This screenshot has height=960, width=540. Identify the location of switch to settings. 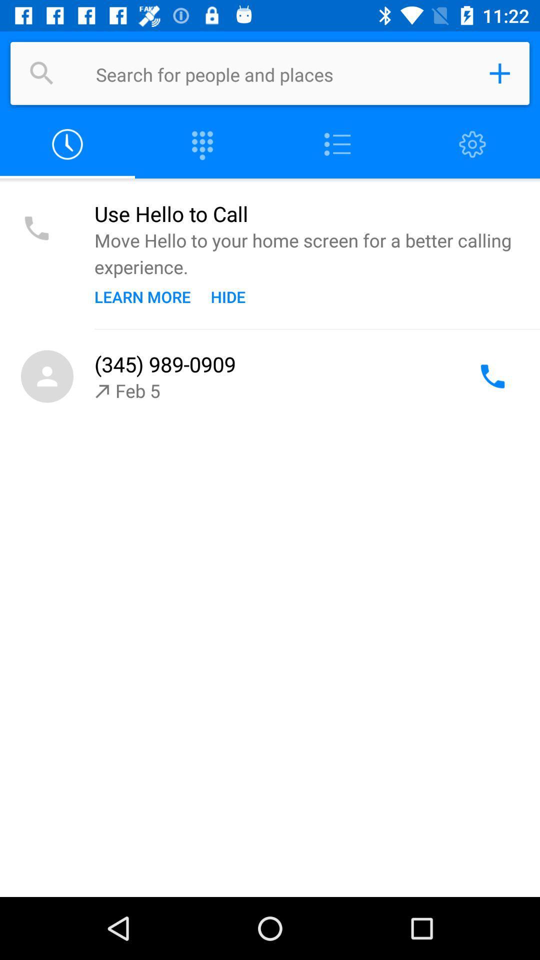
(472, 144).